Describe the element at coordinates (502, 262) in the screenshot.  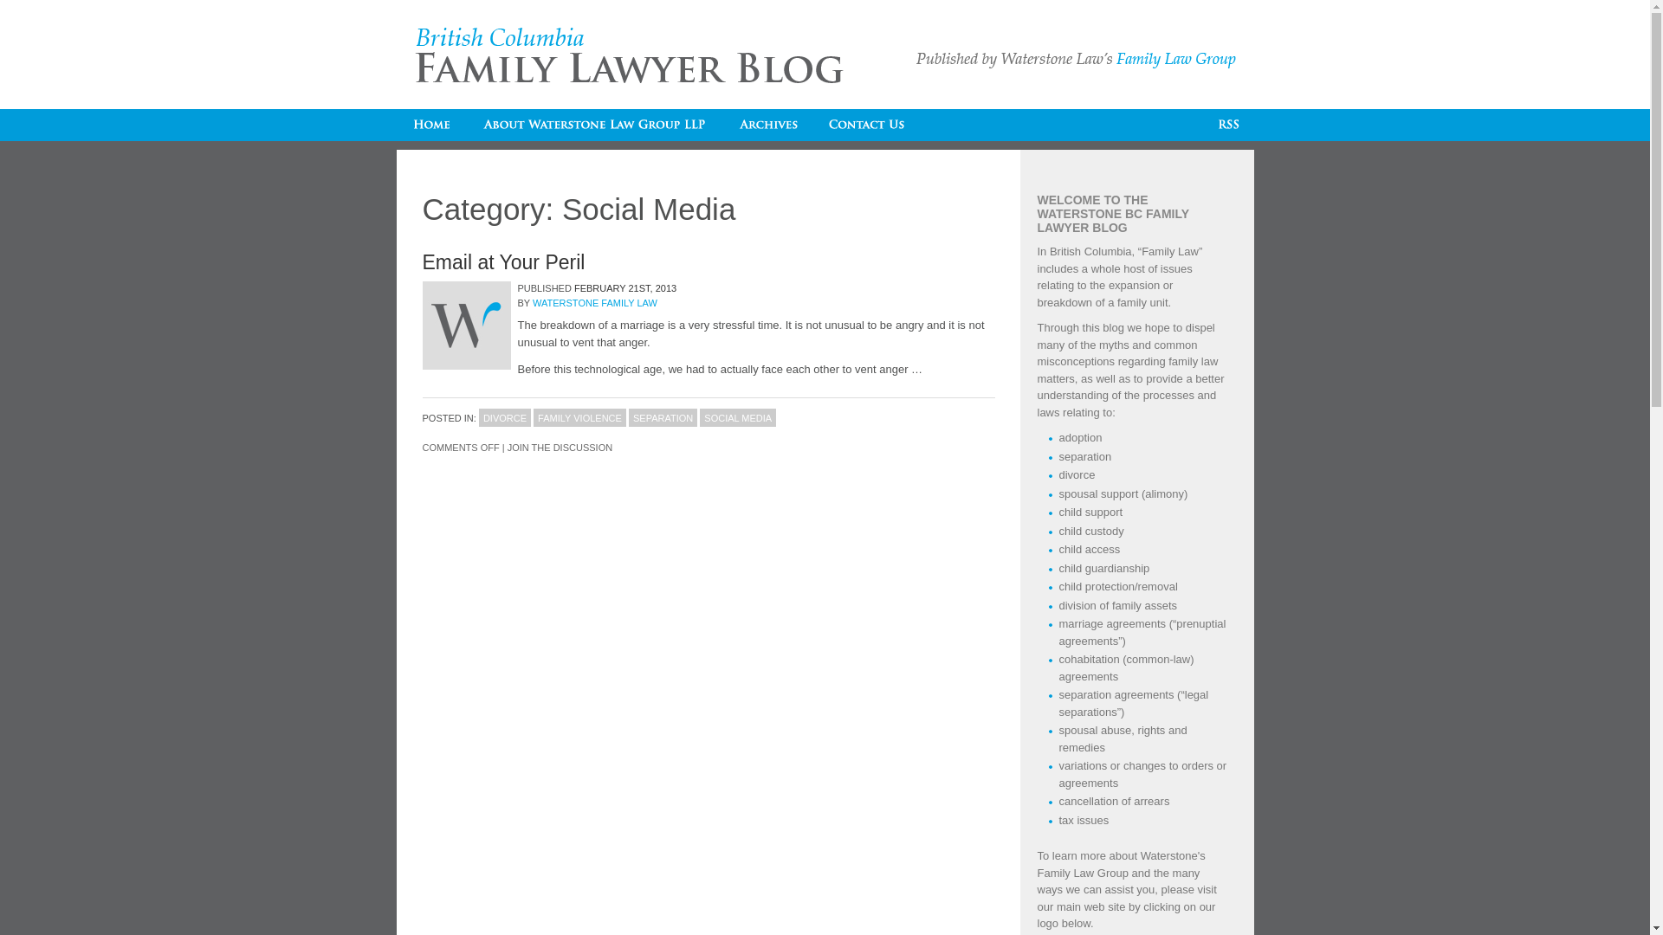
I see `'Email at Your Peril'` at that location.